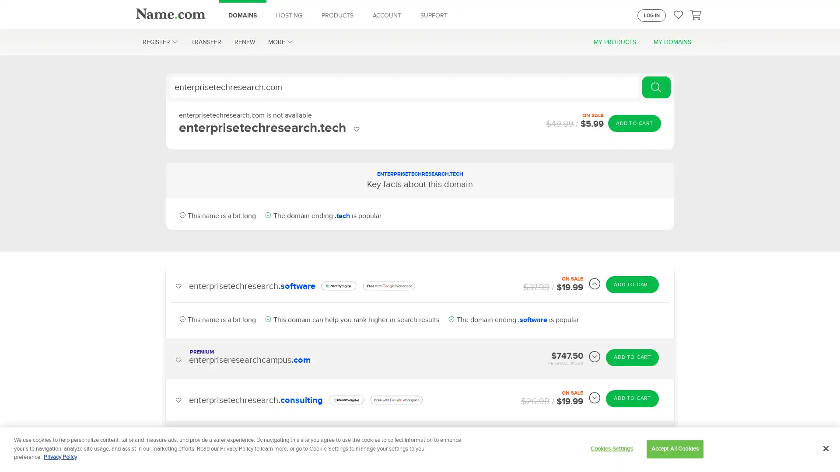 This screenshot has height=472, width=840. Describe the element at coordinates (632, 439) in the screenshot. I see `ADD TO CART` at that location.